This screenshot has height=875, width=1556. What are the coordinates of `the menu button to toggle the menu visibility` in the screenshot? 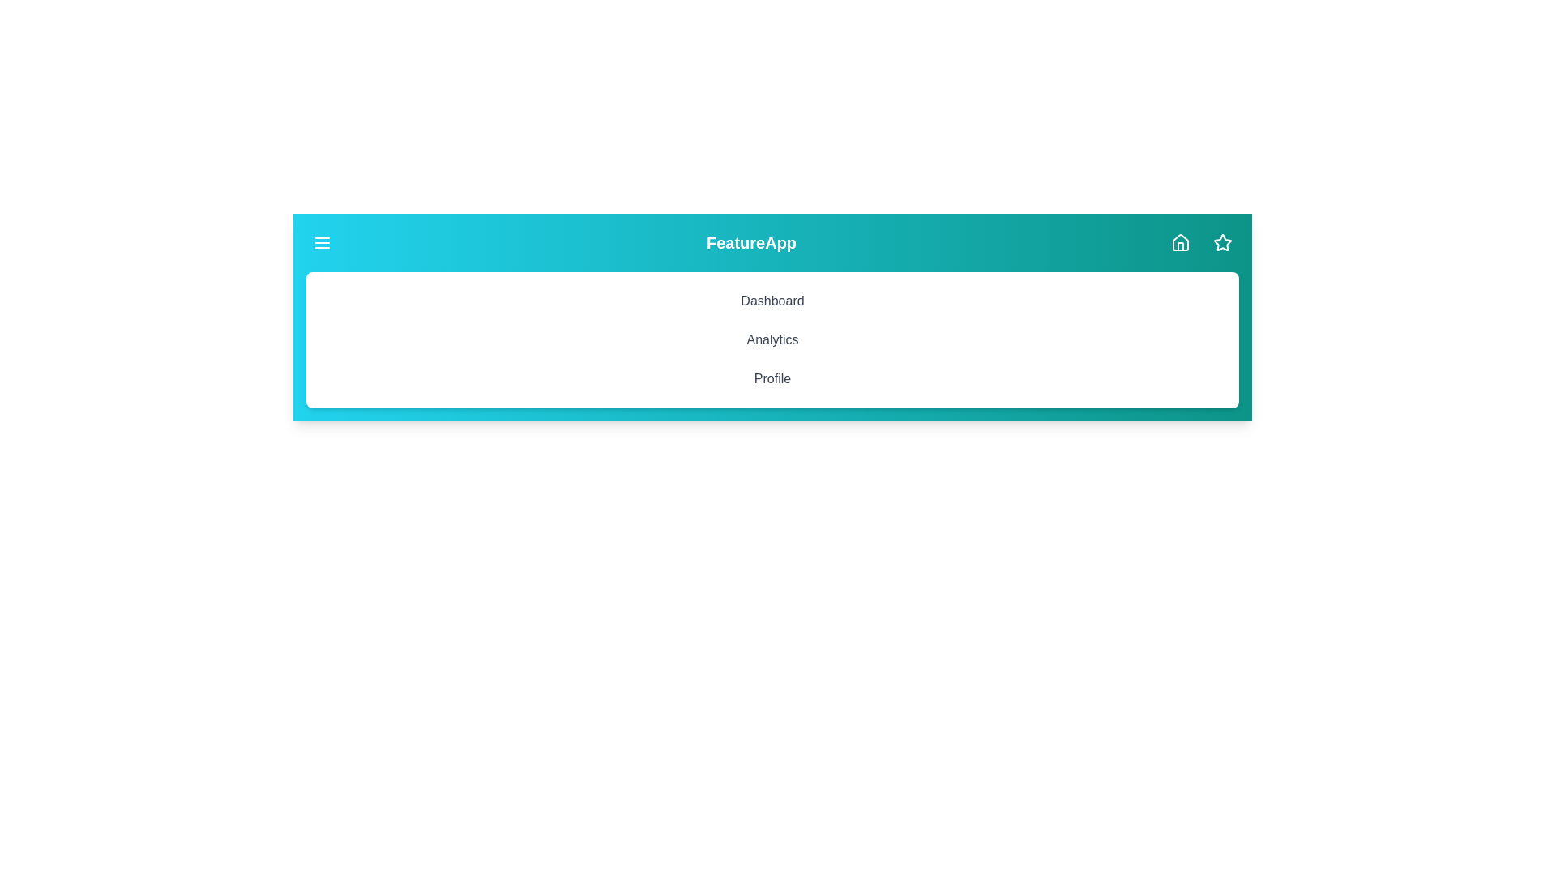 It's located at (323, 243).